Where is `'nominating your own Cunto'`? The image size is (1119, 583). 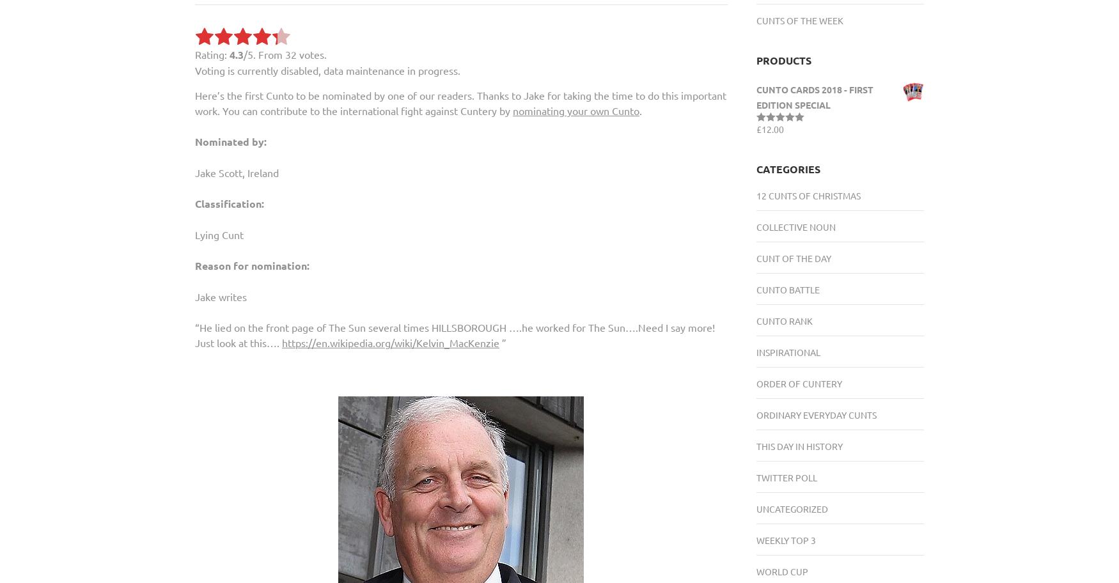 'nominating your own Cunto' is located at coordinates (575, 111).